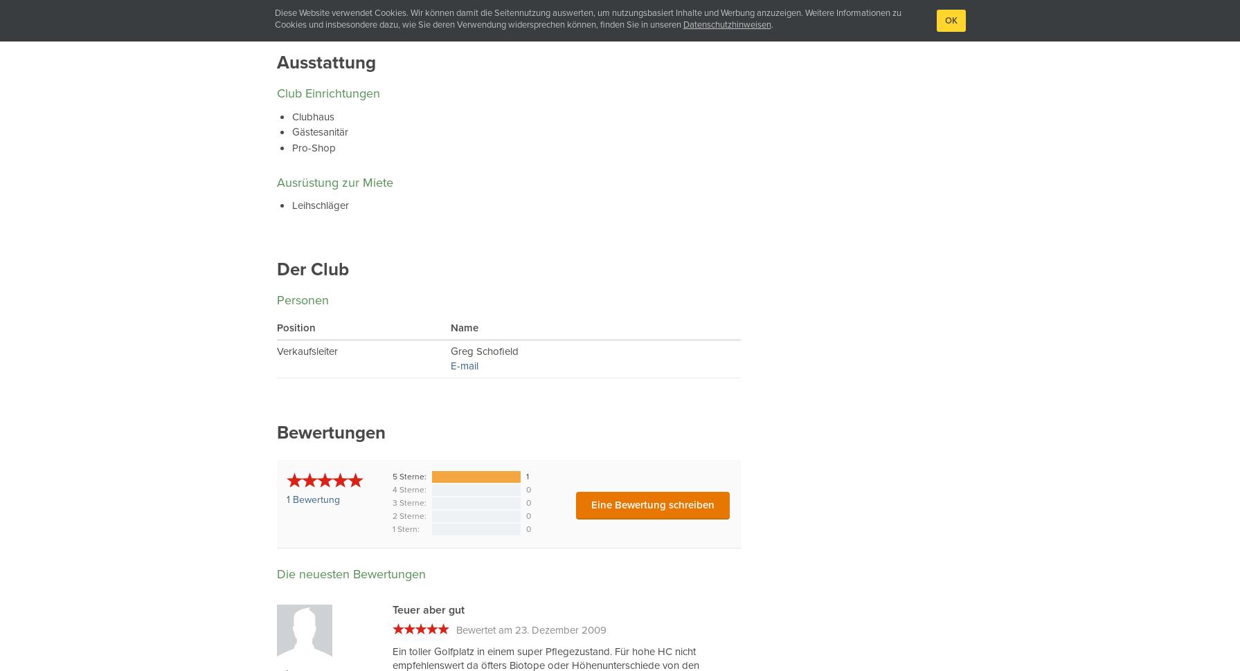  I want to click on 'Leihschläger', so click(320, 205).